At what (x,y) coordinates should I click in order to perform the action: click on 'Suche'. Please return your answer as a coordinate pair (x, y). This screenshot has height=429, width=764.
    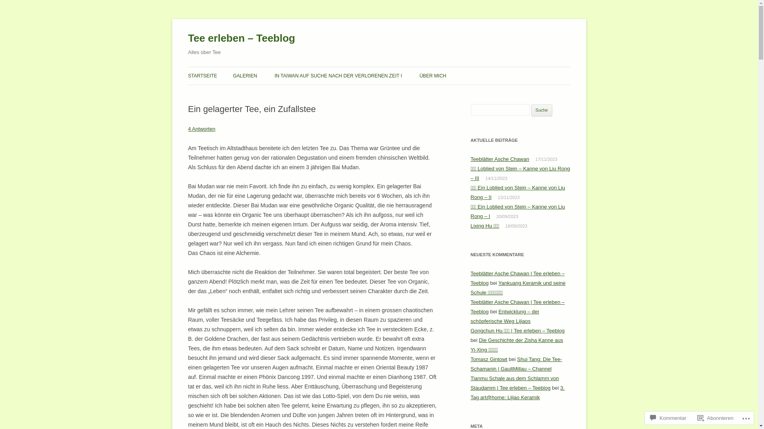
    Looking at the image, I should click on (541, 110).